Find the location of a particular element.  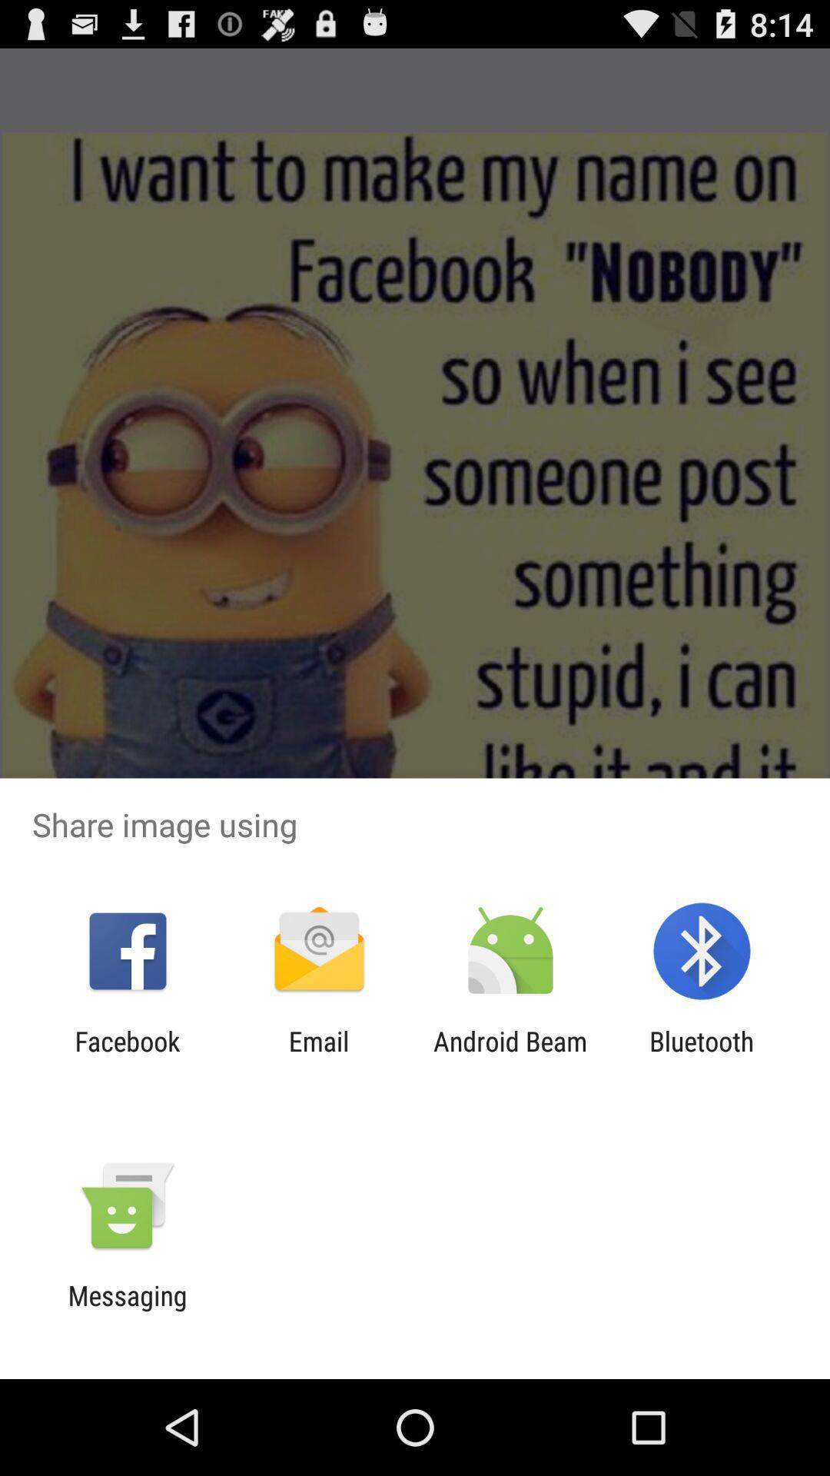

email is located at coordinates (318, 1056).